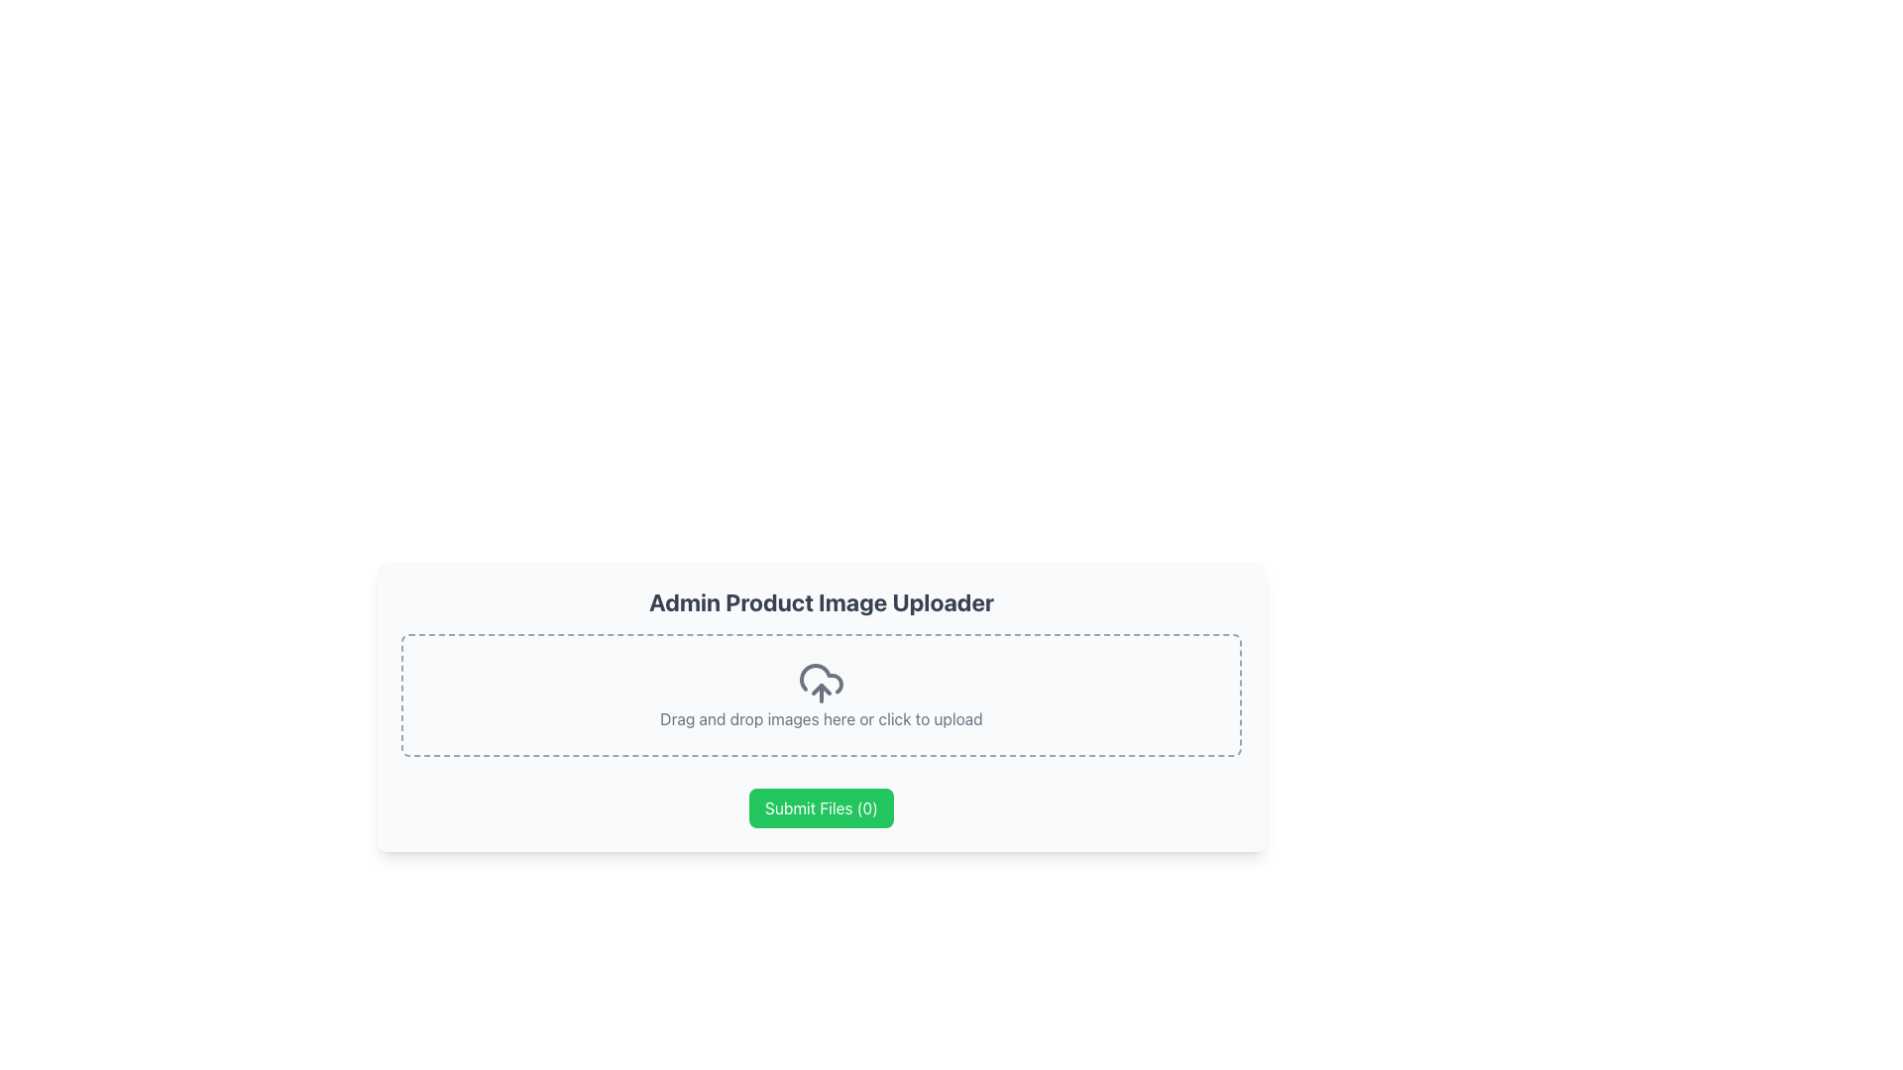 The image size is (1903, 1070). Describe the element at coordinates (822, 695) in the screenshot. I see `and drop files into the Drag-and-Drop Area, which features a dashed border, rounded corners, a cloud upload icon, and text stating 'Drag and drop images here or click` at that location.